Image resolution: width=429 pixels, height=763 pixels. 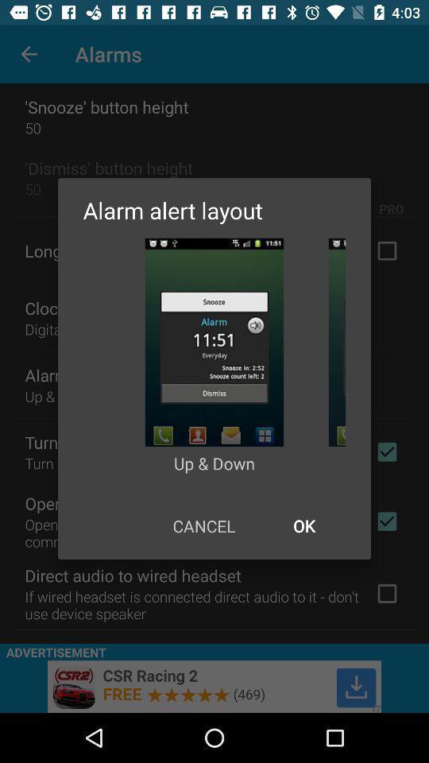 I want to click on item next to cancel icon, so click(x=303, y=525).